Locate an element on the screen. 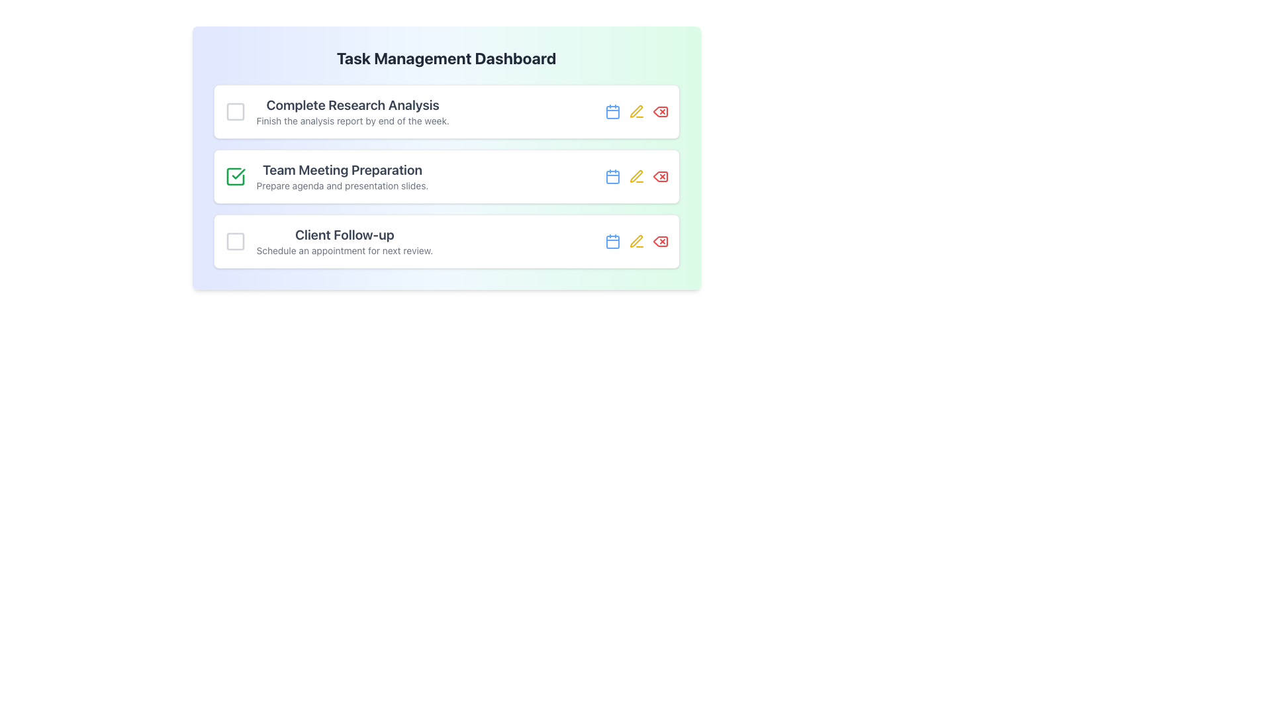 This screenshot has height=715, width=1271. the text element labeled 'Client Follow-up', which is the third task in a vertical list of tasks is located at coordinates (328, 242).